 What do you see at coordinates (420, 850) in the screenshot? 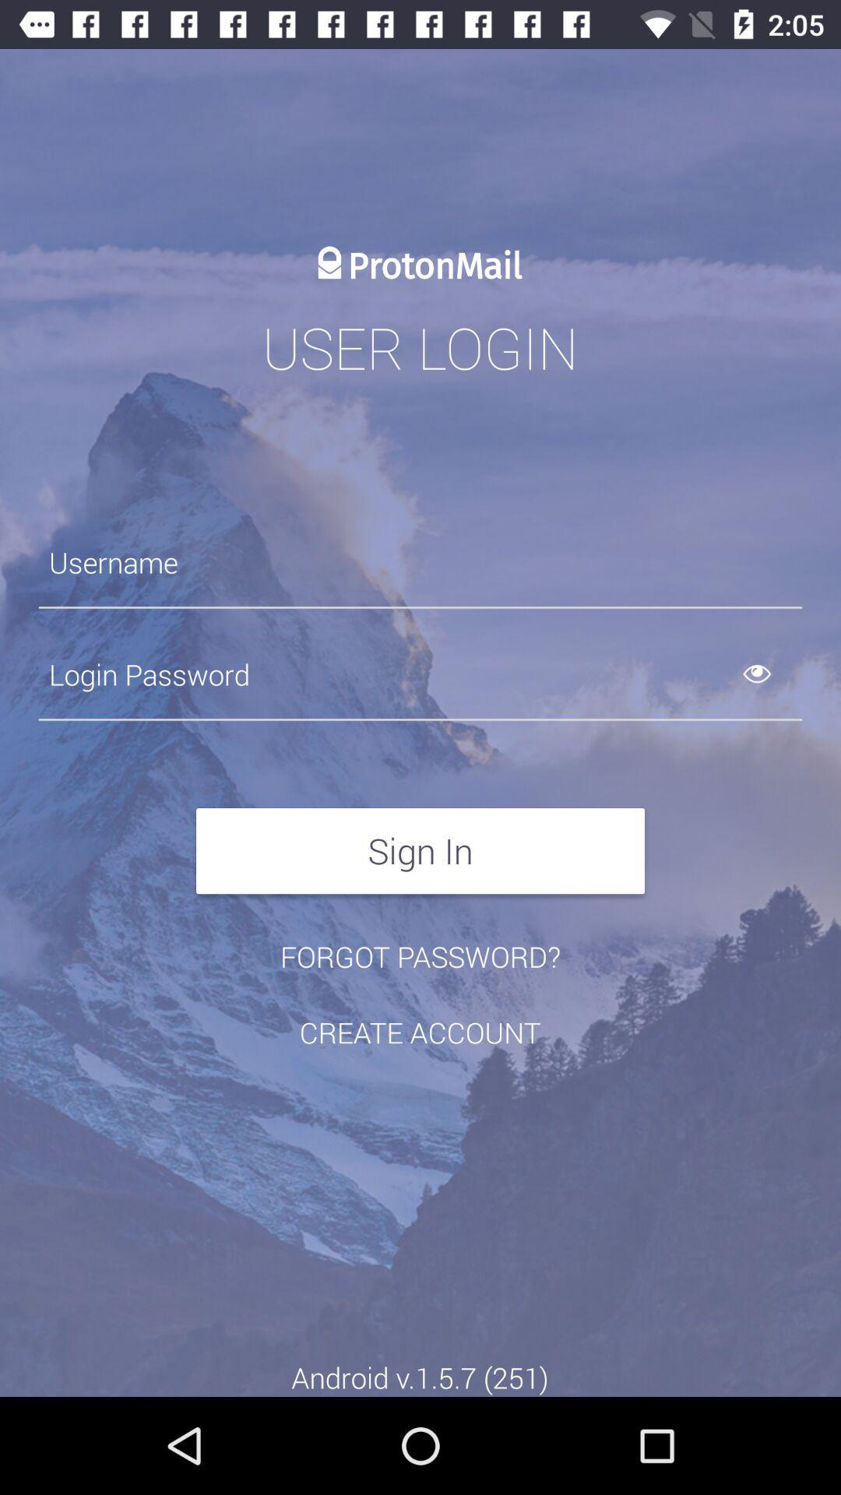
I see `the sign in item` at bounding box center [420, 850].